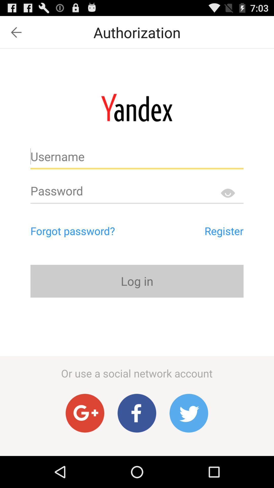 This screenshot has width=274, height=488. Describe the element at coordinates (16, 34) in the screenshot. I see `the arrow_backward icon` at that location.